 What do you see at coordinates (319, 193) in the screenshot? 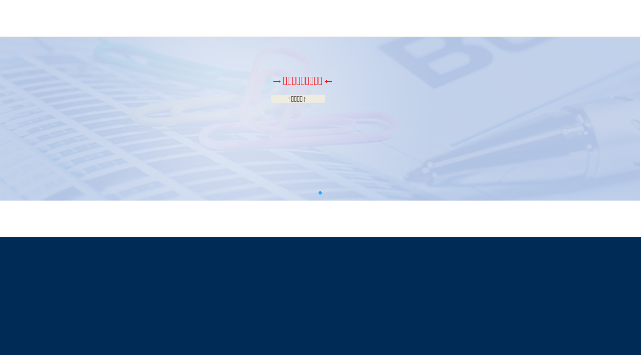
I see `'1'` at bounding box center [319, 193].